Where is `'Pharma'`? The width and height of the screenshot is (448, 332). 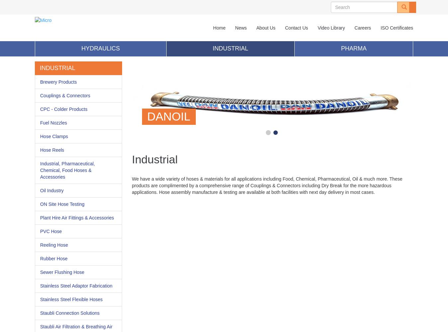
'Pharma' is located at coordinates (353, 48).